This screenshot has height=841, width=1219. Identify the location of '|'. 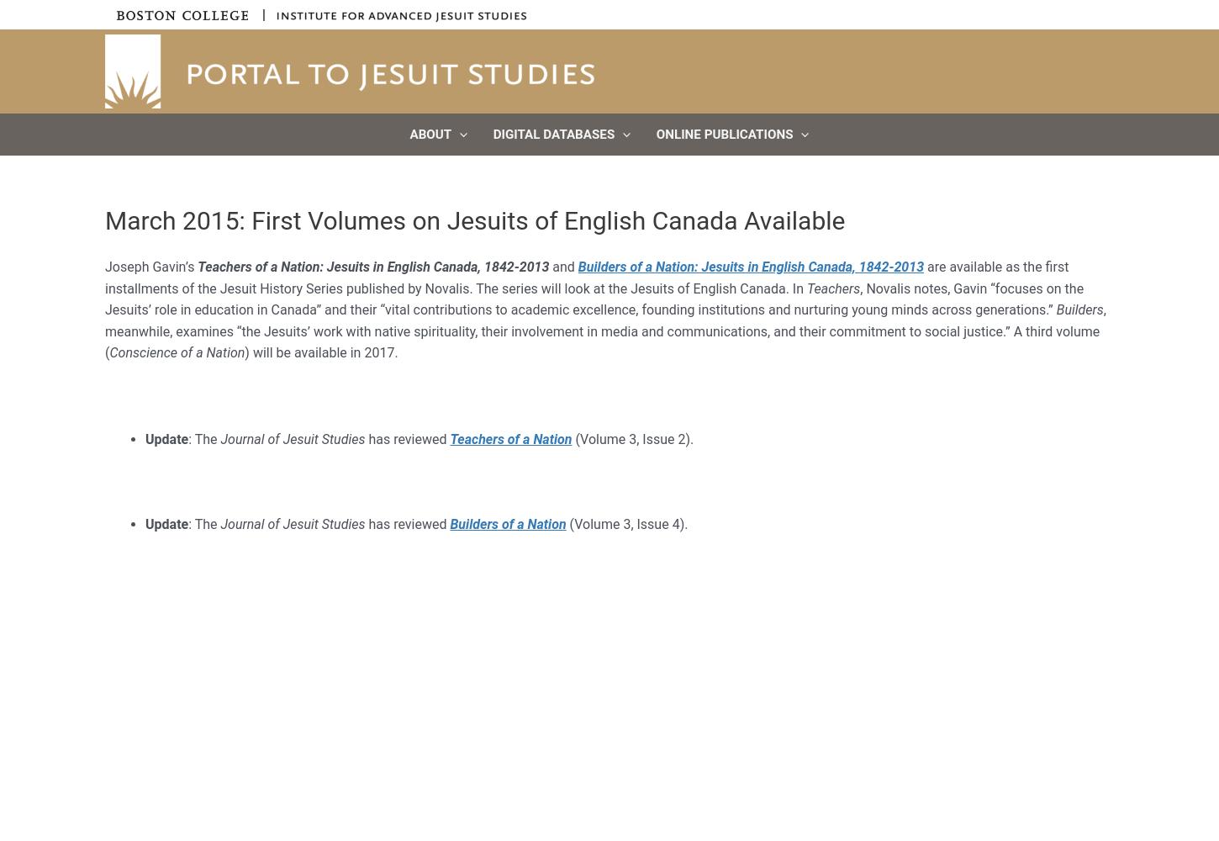
(263, 13).